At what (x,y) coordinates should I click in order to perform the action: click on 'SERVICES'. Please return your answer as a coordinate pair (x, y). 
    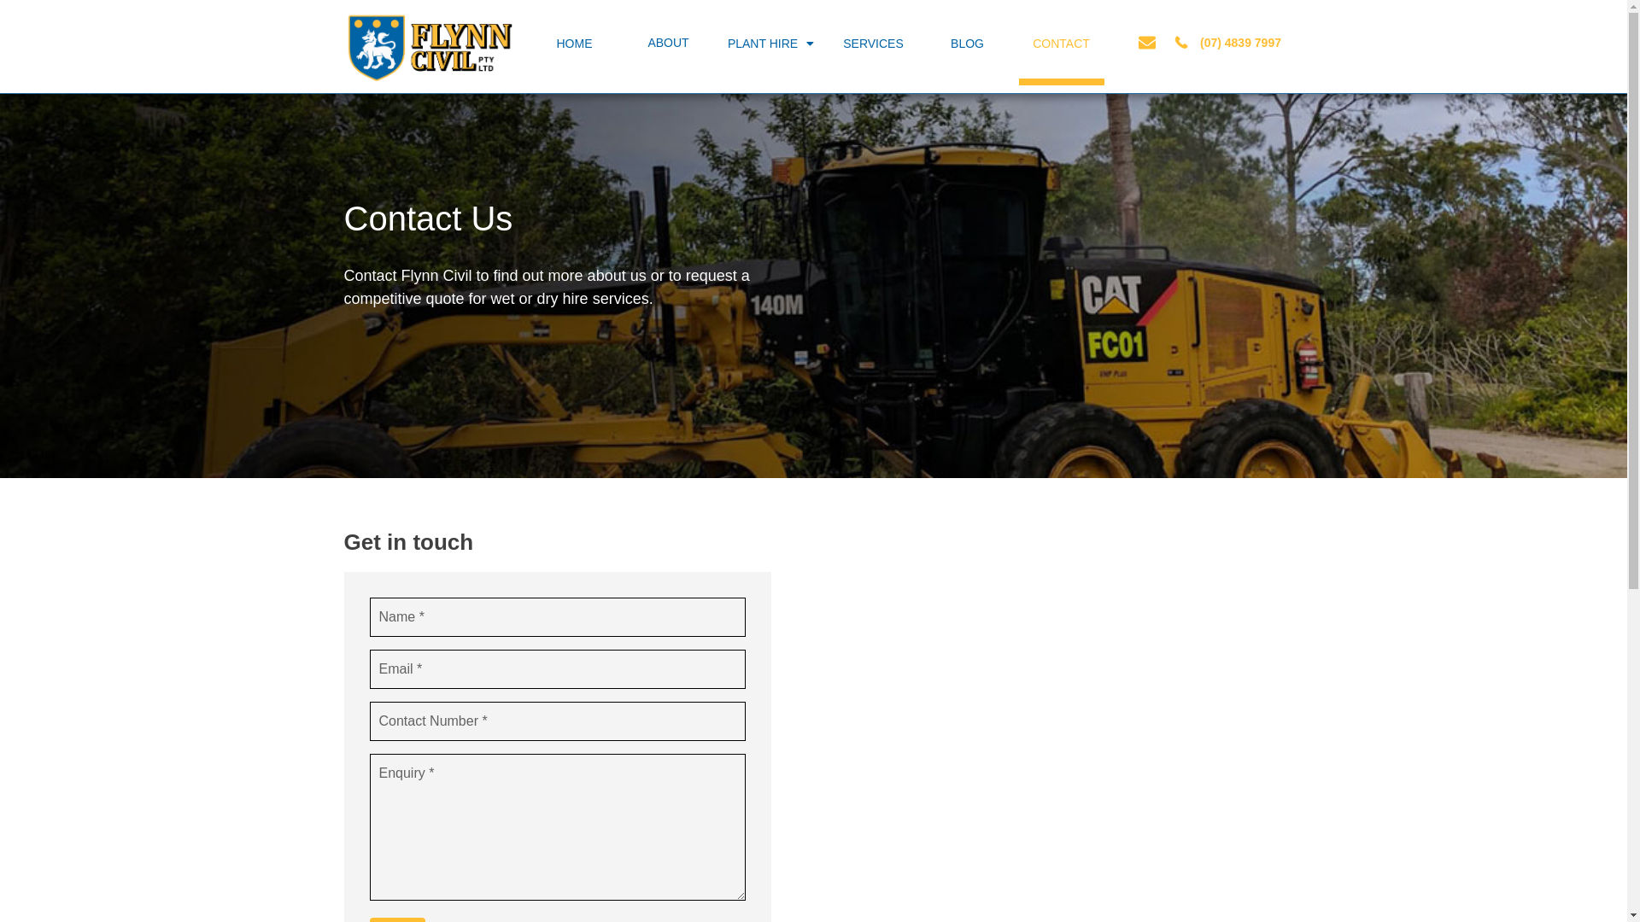
    Looking at the image, I should click on (829, 42).